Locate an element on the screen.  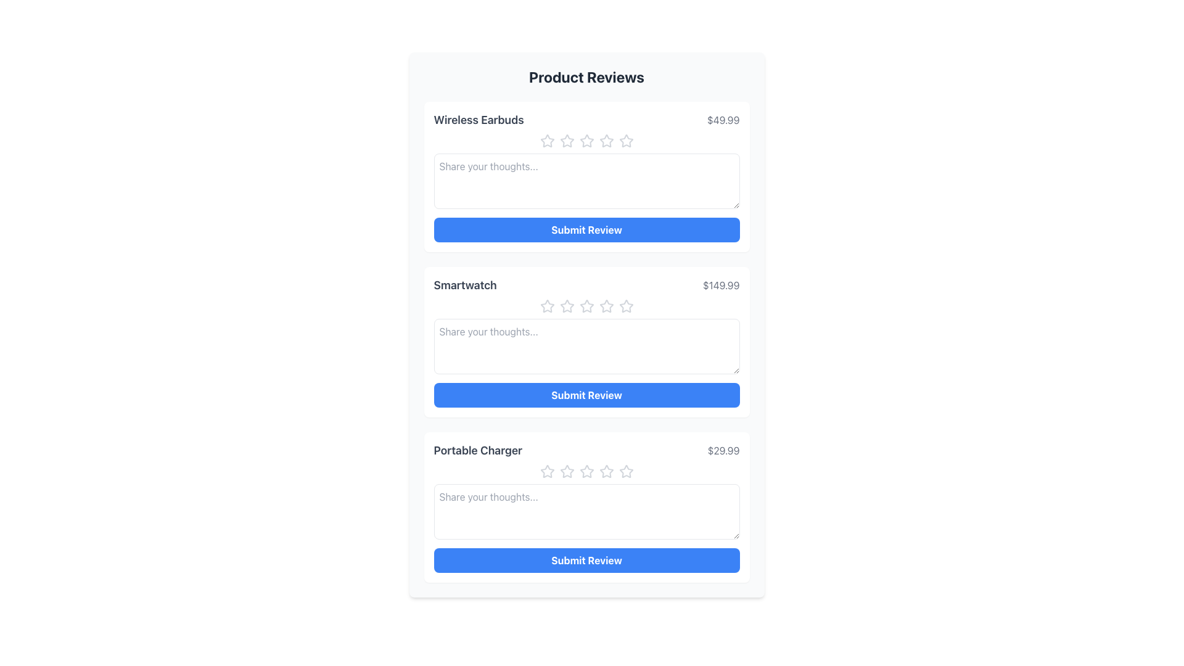
the third star in the rating row for the 'Smartwatch' product, located in the review section below the product title and price is located at coordinates (586, 306).